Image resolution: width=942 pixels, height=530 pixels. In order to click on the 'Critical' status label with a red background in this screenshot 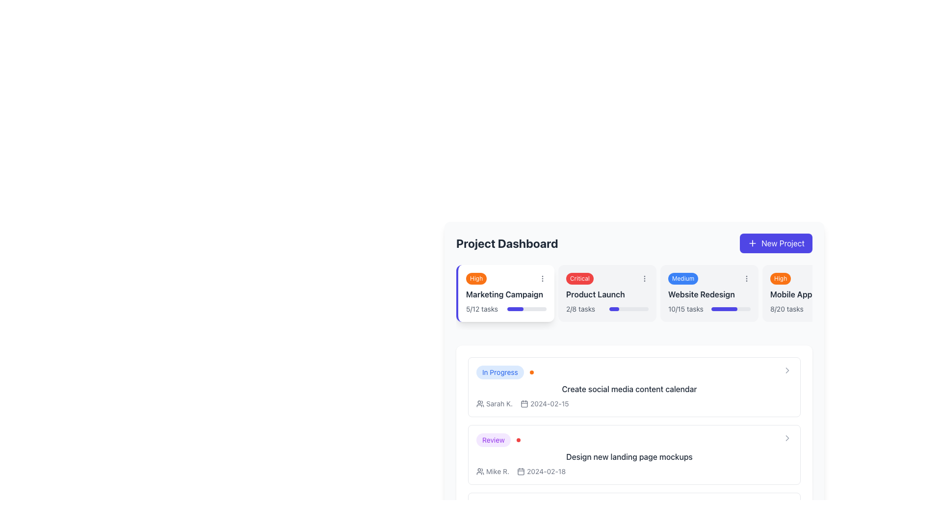, I will do `click(607, 278)`.